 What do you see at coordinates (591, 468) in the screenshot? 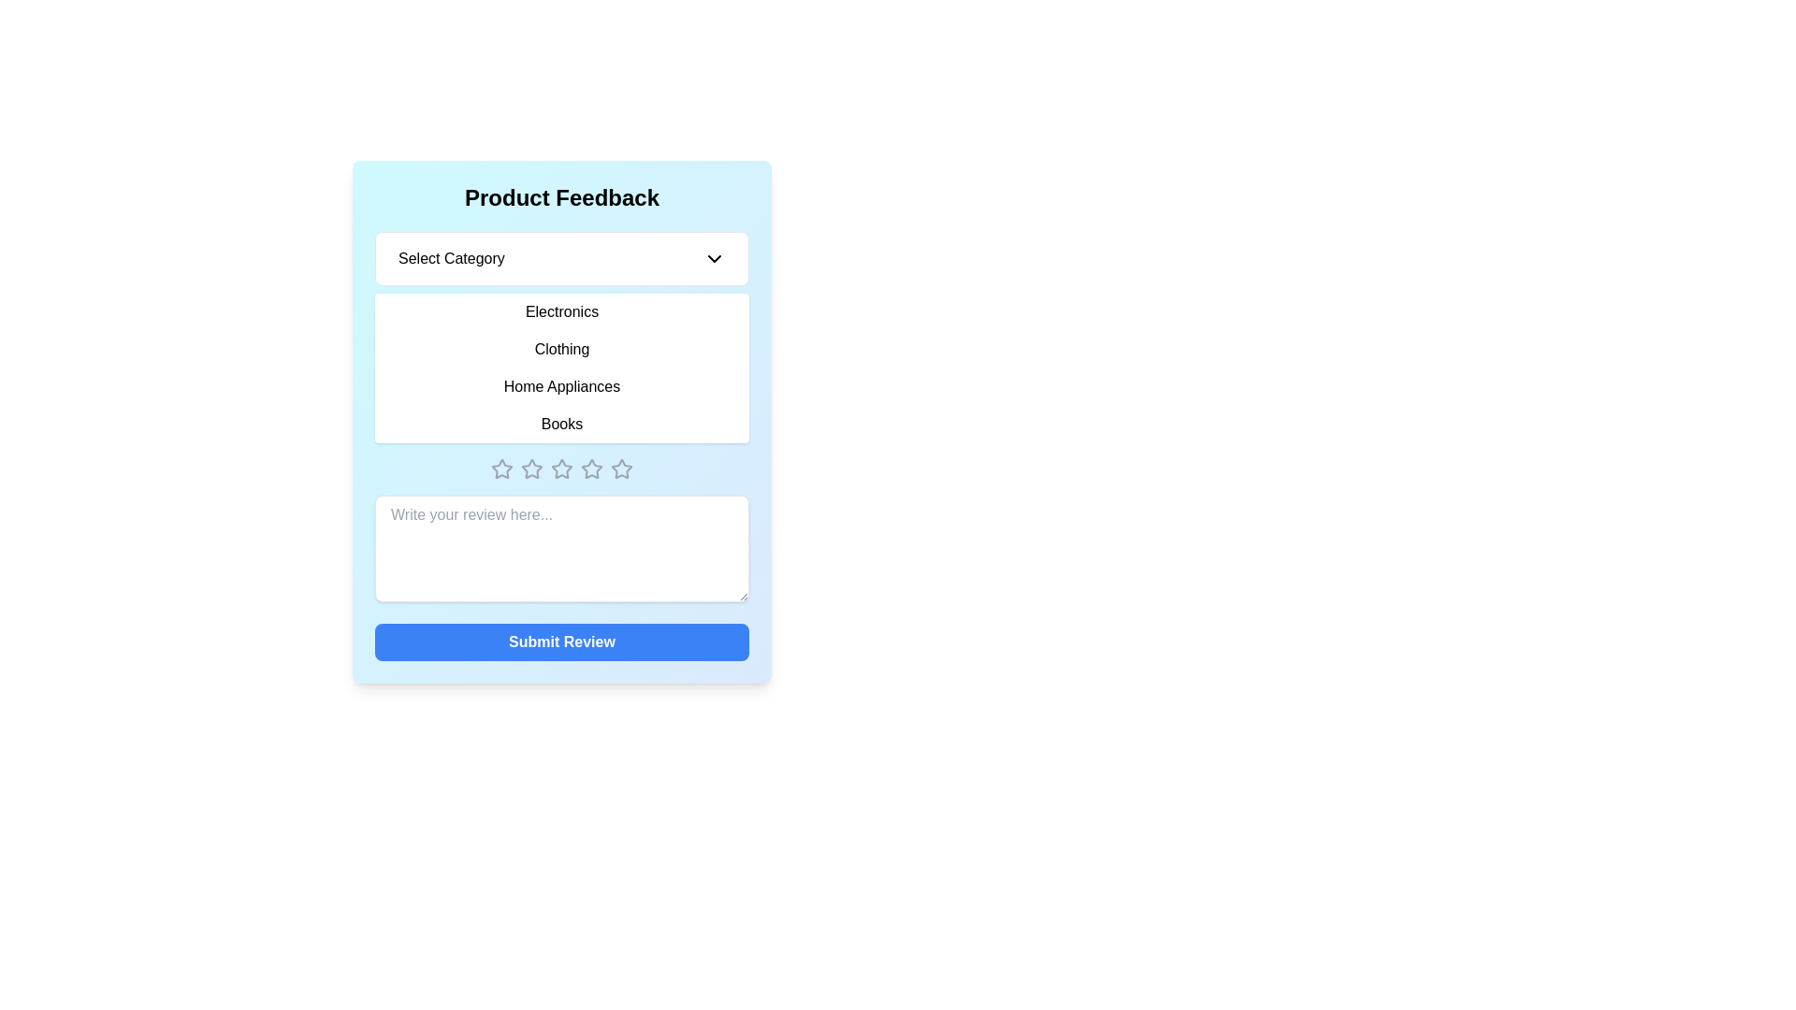
I see `the fourth star icon from the left in a row of five rating stars` at bounding box center [591, 468].